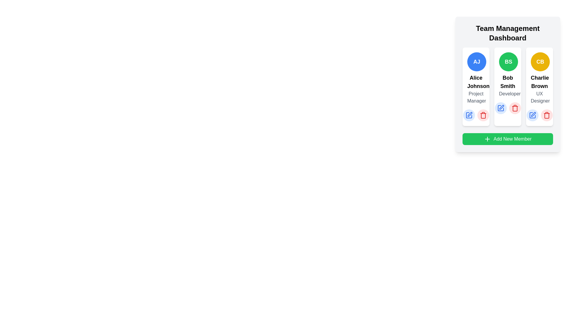  I want to click on the circular button with a red trash bin icon located at the bottom right corner of the first user card in the Team Management Dashboard to initiate the delete action, so click(483, 115).